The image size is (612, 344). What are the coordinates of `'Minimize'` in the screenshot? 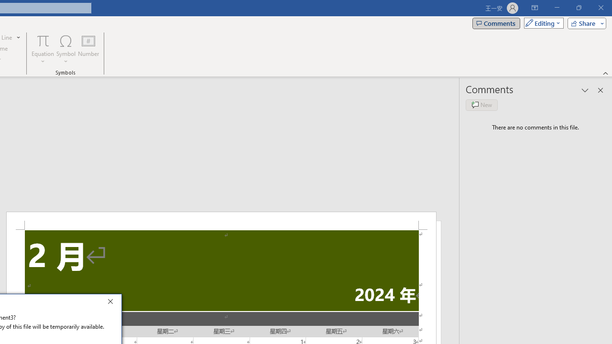 It's located at (557, 8).